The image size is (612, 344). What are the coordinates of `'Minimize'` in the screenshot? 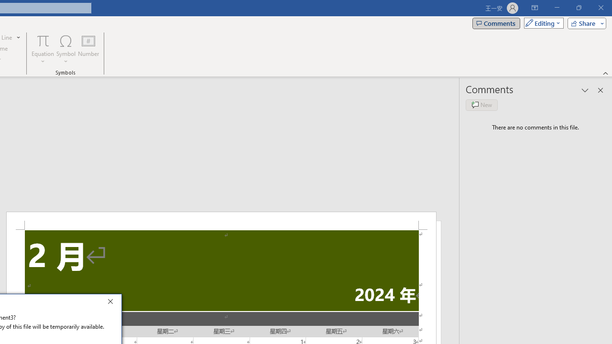 It's located at (557, 8).